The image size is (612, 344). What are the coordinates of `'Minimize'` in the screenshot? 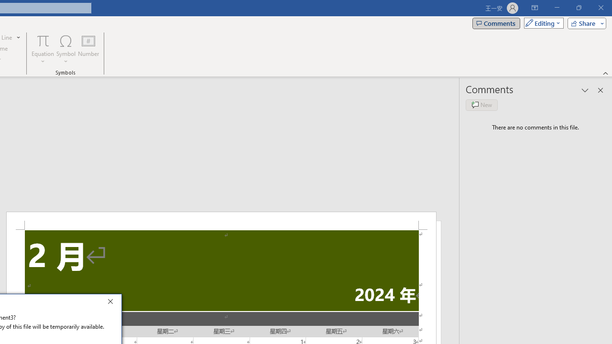 It's located at (557, 8).